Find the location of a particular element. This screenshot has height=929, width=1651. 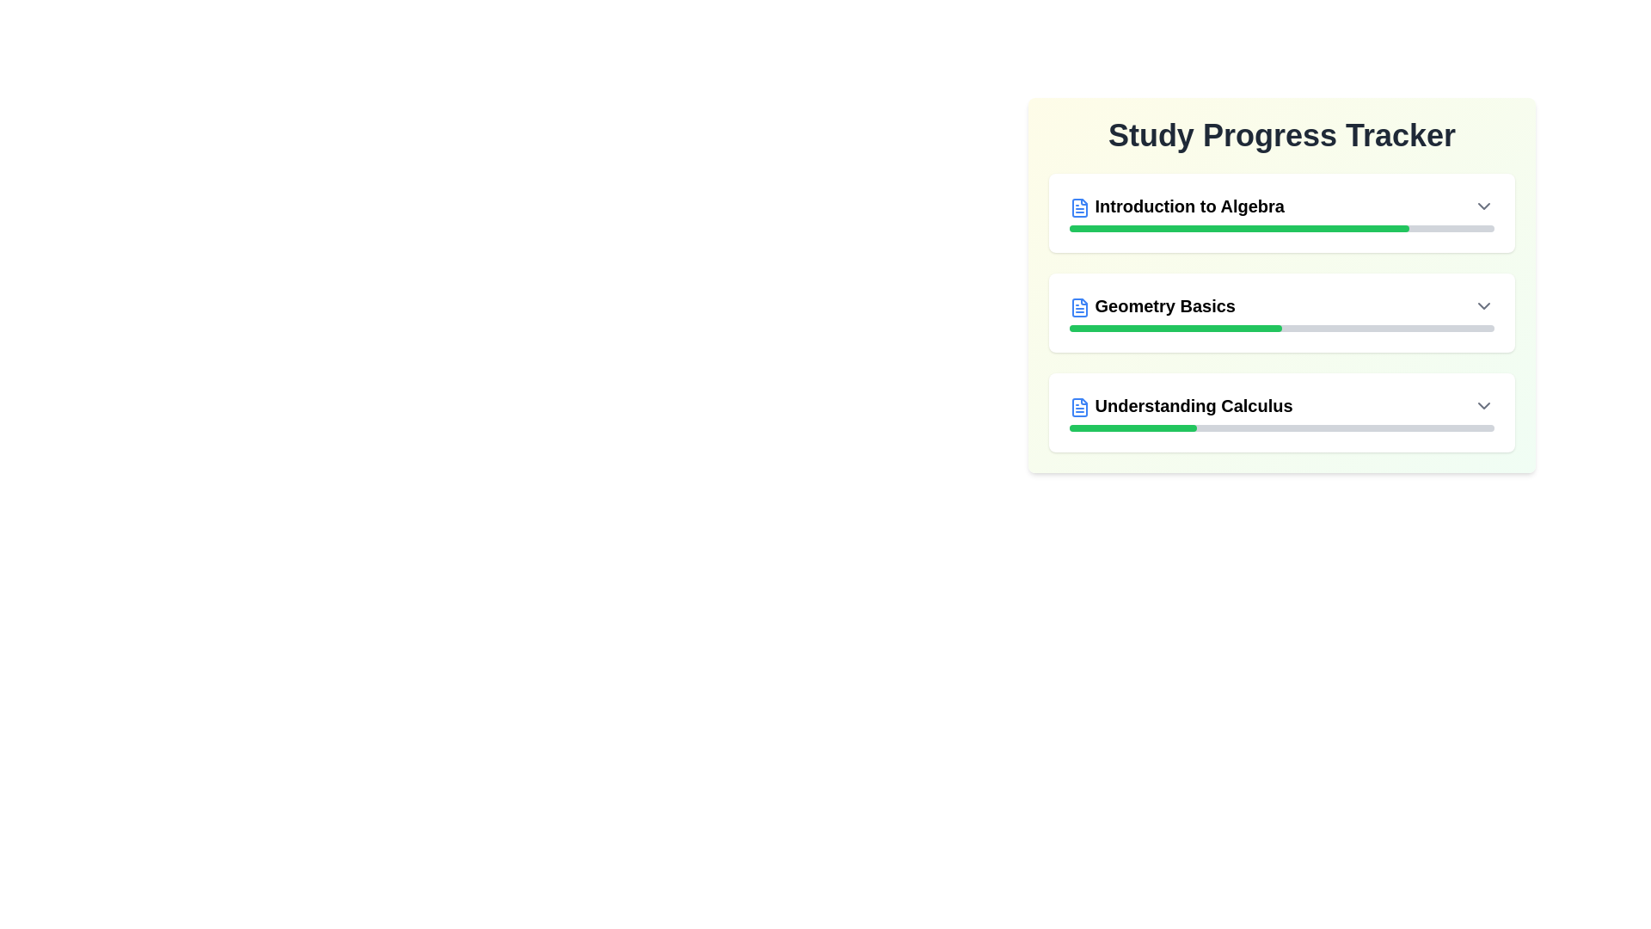

the first progress bar located at the bottom of the 'Introduction to Algebra' card, which visually represents the completion state of that section is located at coordinates (1282, 228).